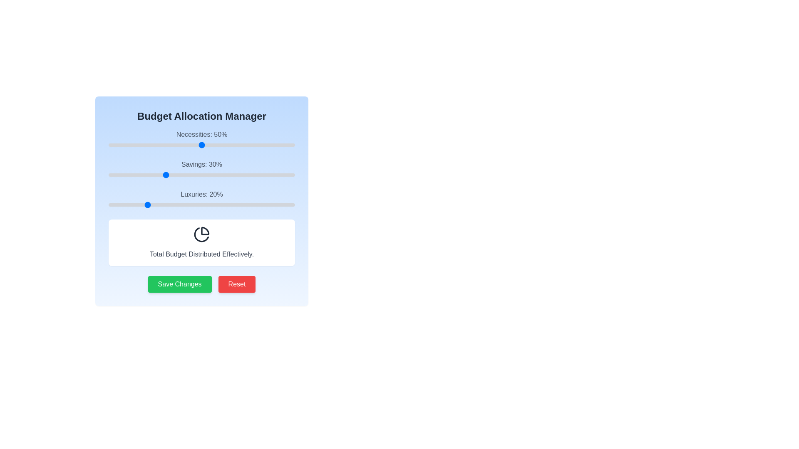  Describe the element at coordinates (115, 144) in the screenshot. I see `the 'necessities' slider` at that location.